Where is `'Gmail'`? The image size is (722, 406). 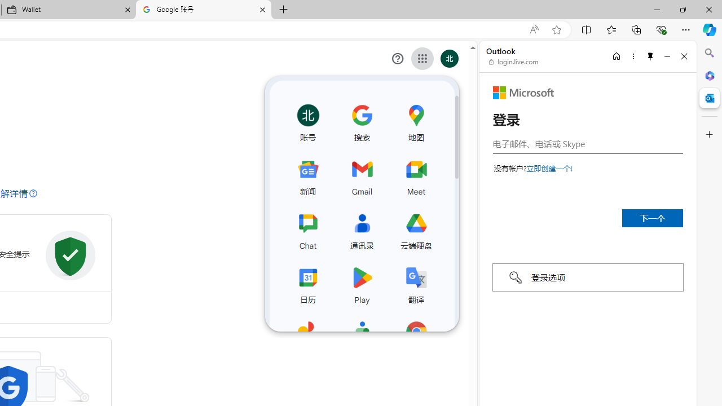
'Gmail' is located at coordinates (362, 175).